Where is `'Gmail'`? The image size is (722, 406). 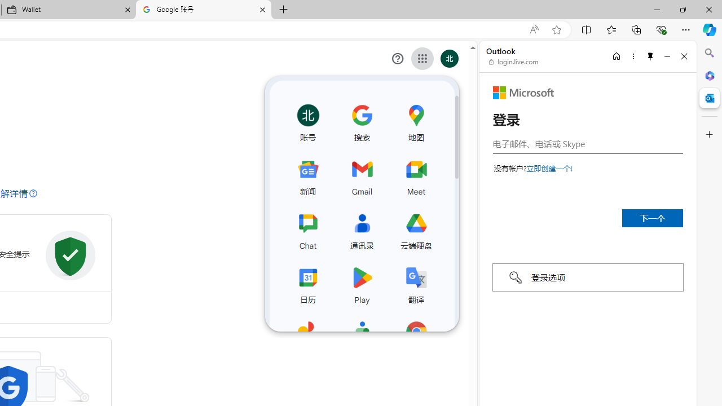
'Gmail' is located at coordinates (362, 175).